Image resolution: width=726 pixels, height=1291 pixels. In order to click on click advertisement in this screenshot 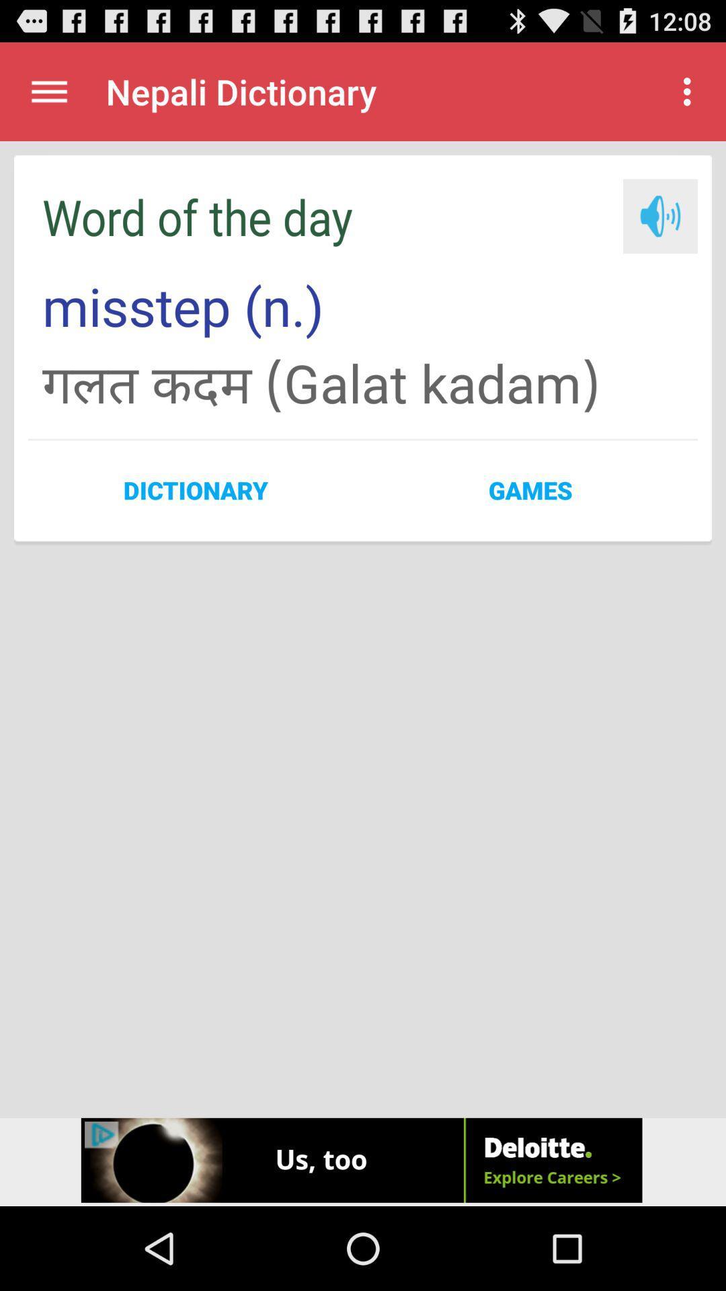, I will do `click(363, 1161)`.